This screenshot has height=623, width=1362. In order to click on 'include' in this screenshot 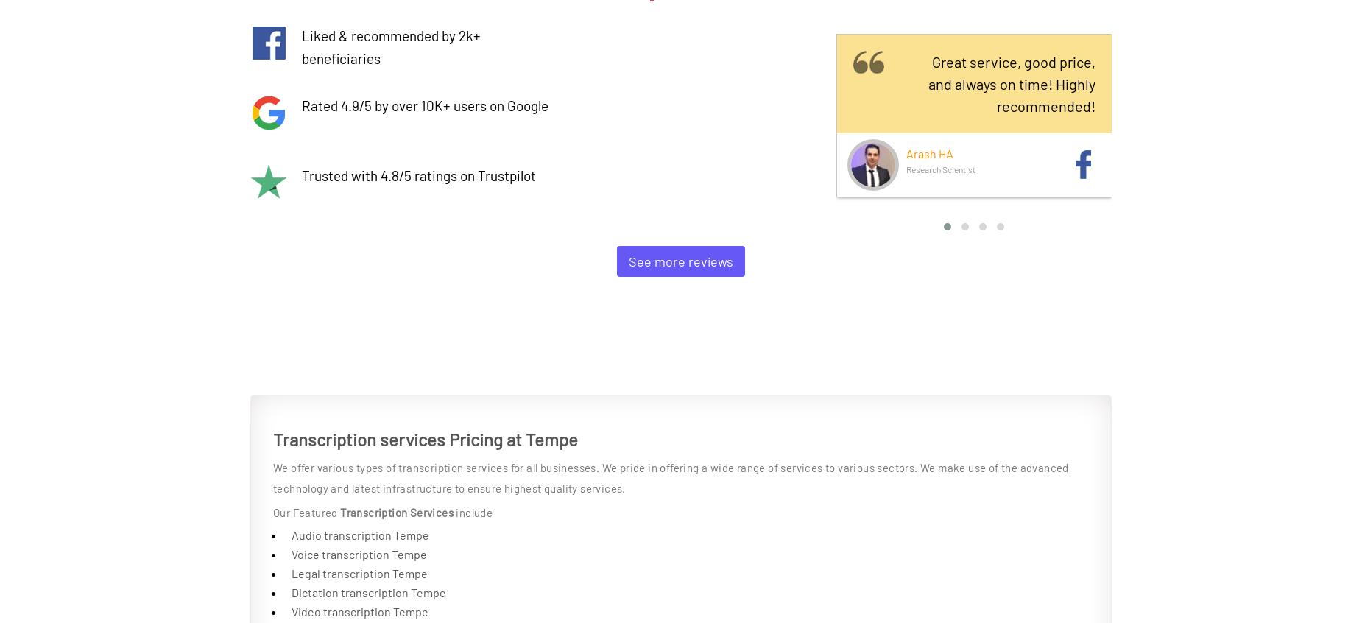, I will do `click(473, 513)`.